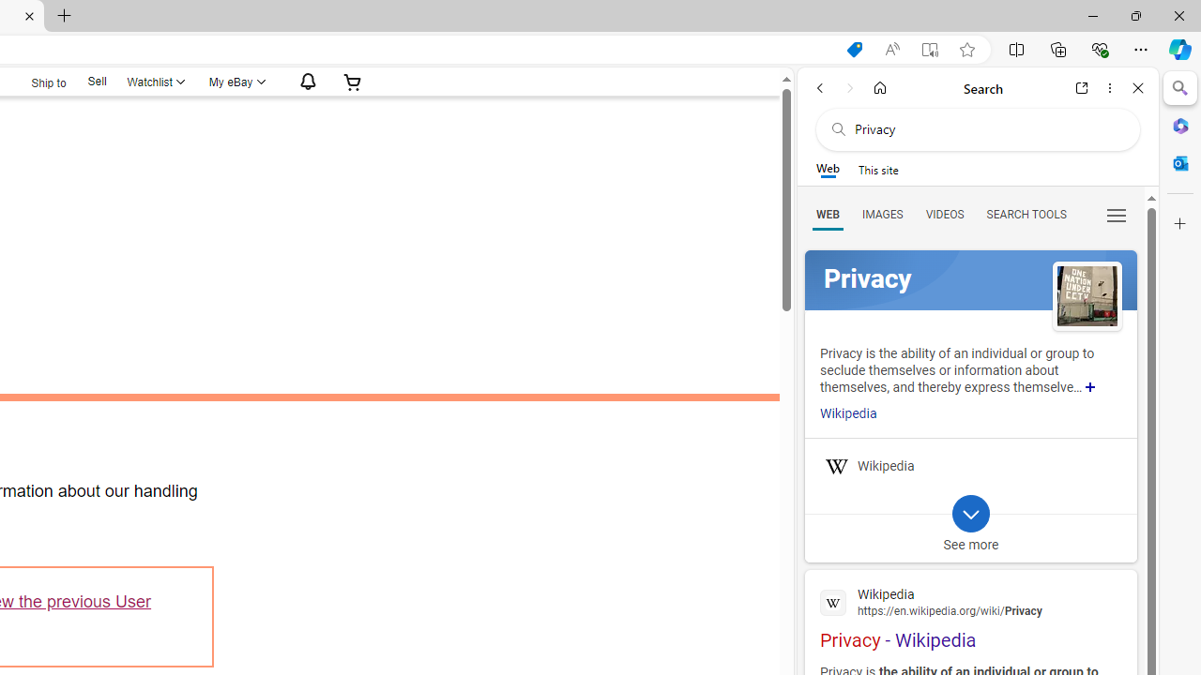  Describe the element at coordinates (827, 213) in the screenshot. I see `'WEB  '` at that location.